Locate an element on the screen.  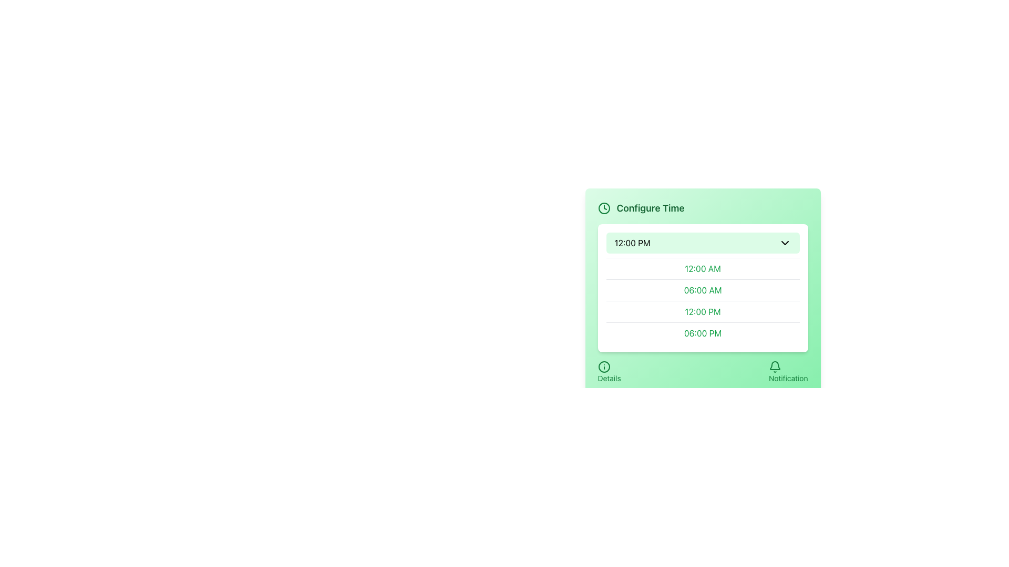
the third item in the dropdown menu of the 'Configure Time' component, which displays '12:00 PM' in green font on a white background is located at coordinates (703, 301).